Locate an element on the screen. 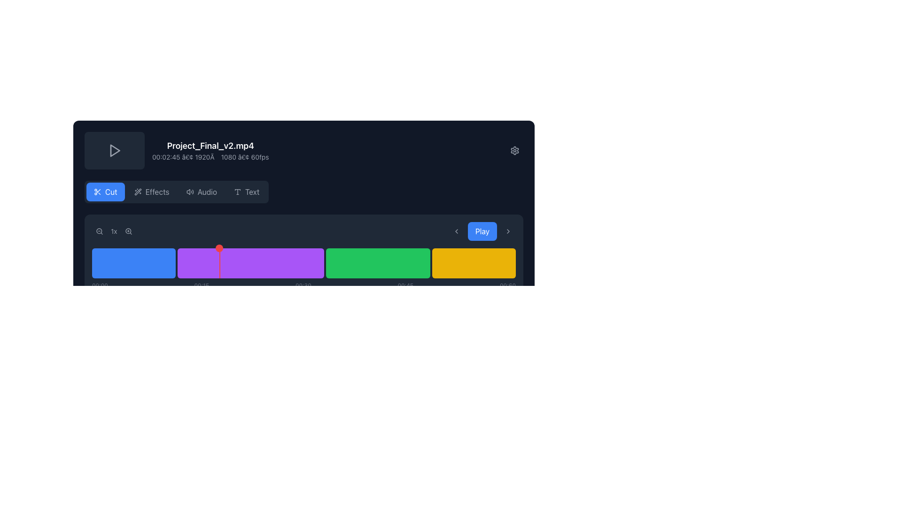 The image size is (902, 507). the Zoom Out button located in the toolbar above the timeline is located at coordinates (99, 231).